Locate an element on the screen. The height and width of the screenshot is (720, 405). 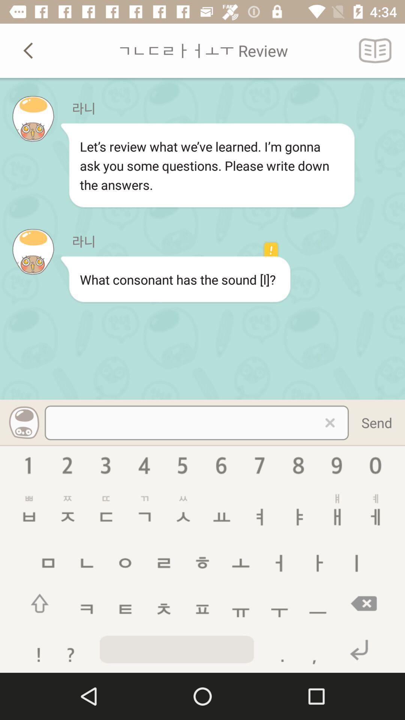
the arrow_upward icon is located at coordinates (40, 603).